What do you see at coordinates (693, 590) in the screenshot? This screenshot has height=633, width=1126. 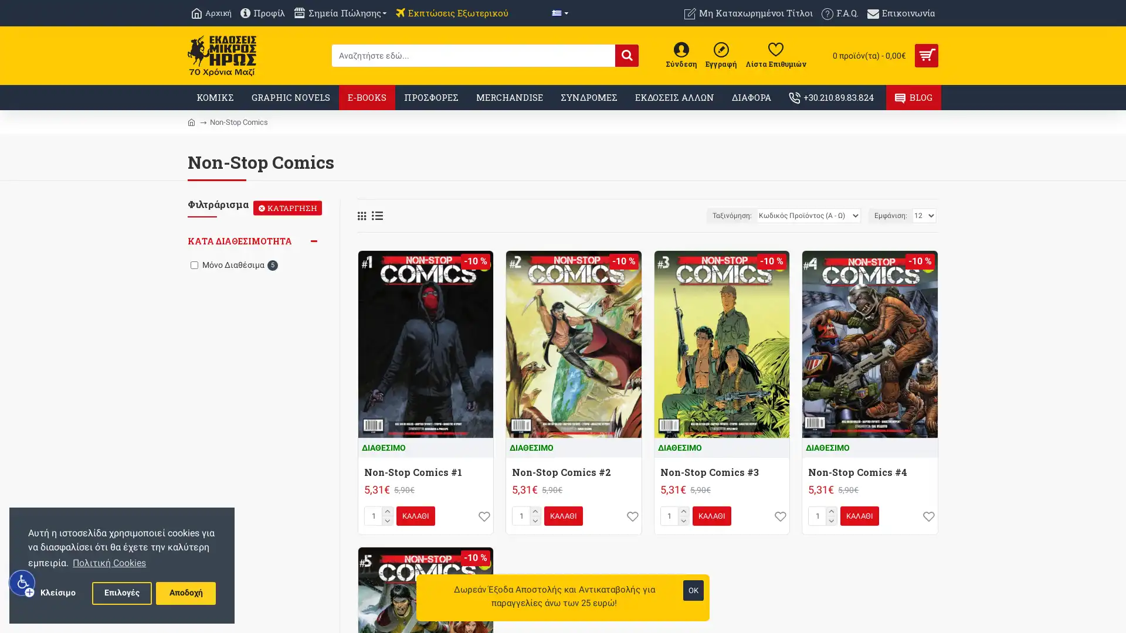 I see `OK` at bounding box center [693, 590].